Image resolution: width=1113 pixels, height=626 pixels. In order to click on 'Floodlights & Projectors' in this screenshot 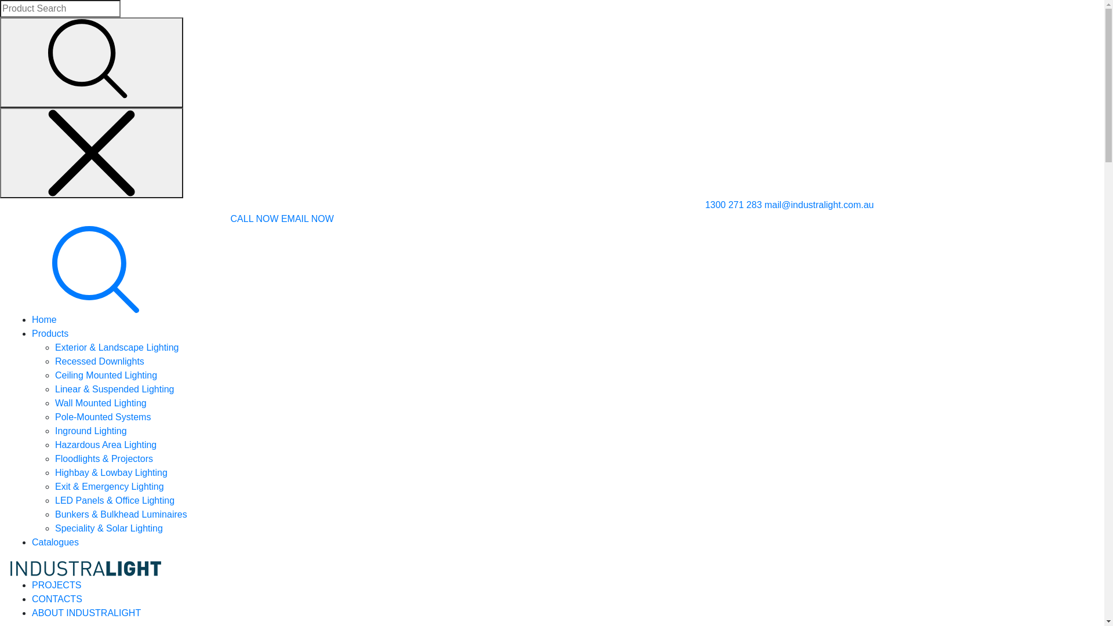, I will do `click(104, 458)`.